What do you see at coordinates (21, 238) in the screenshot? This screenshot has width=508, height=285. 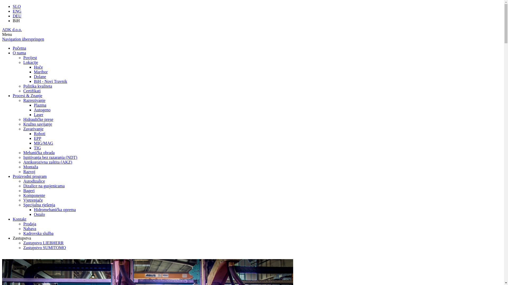 I see `'Zastupstva'` at bounding box center [21, 238].